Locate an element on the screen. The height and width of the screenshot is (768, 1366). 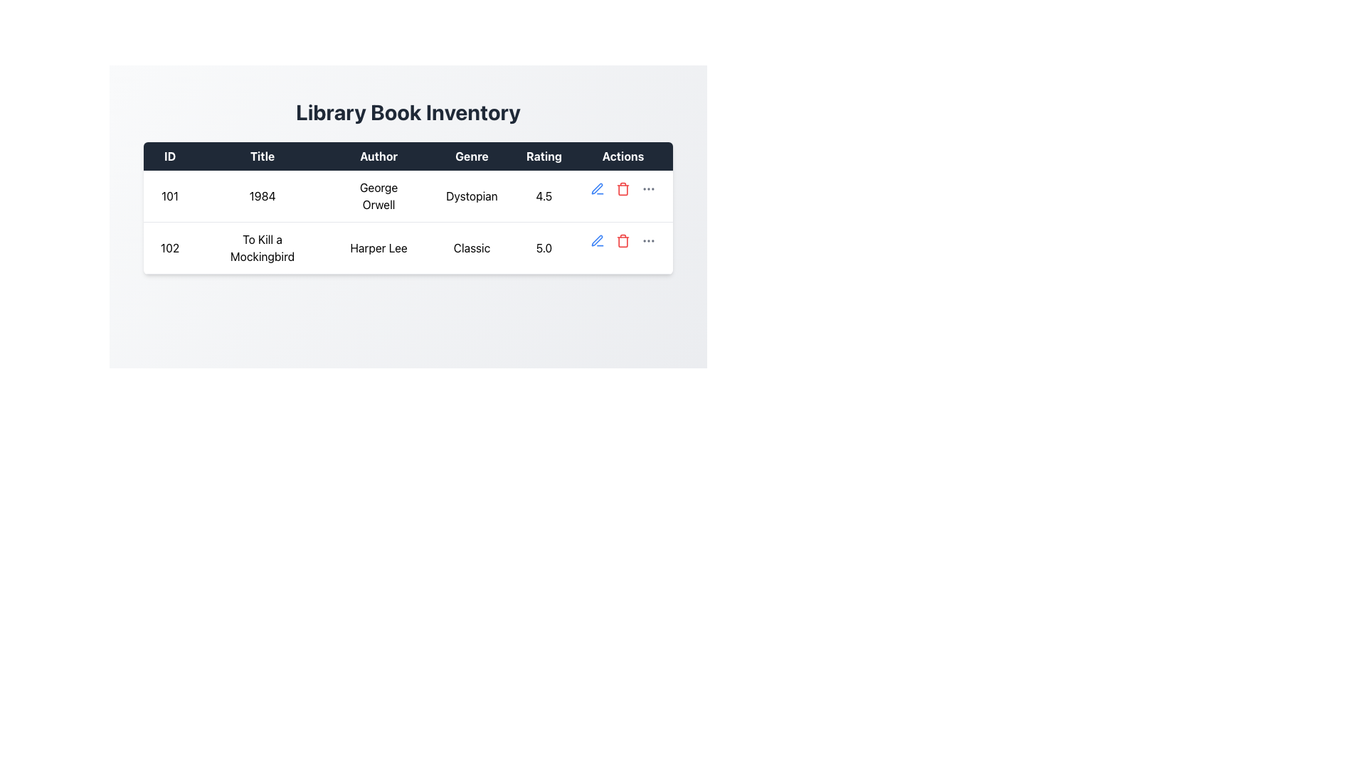
the display field showing the author 'Harper Lee' in the third column of the second row of the table with ID '102' for the book 'To Kill a Mockingbird' is located at coordinates (378, 247).